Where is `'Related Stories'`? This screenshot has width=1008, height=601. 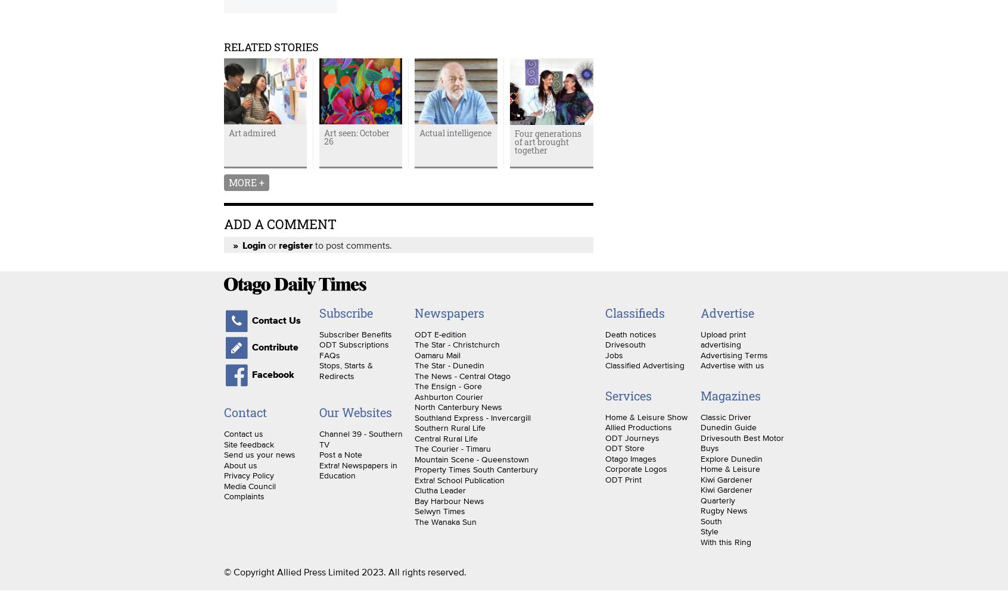 'Related Stories' is located at coordinates (270, 45).